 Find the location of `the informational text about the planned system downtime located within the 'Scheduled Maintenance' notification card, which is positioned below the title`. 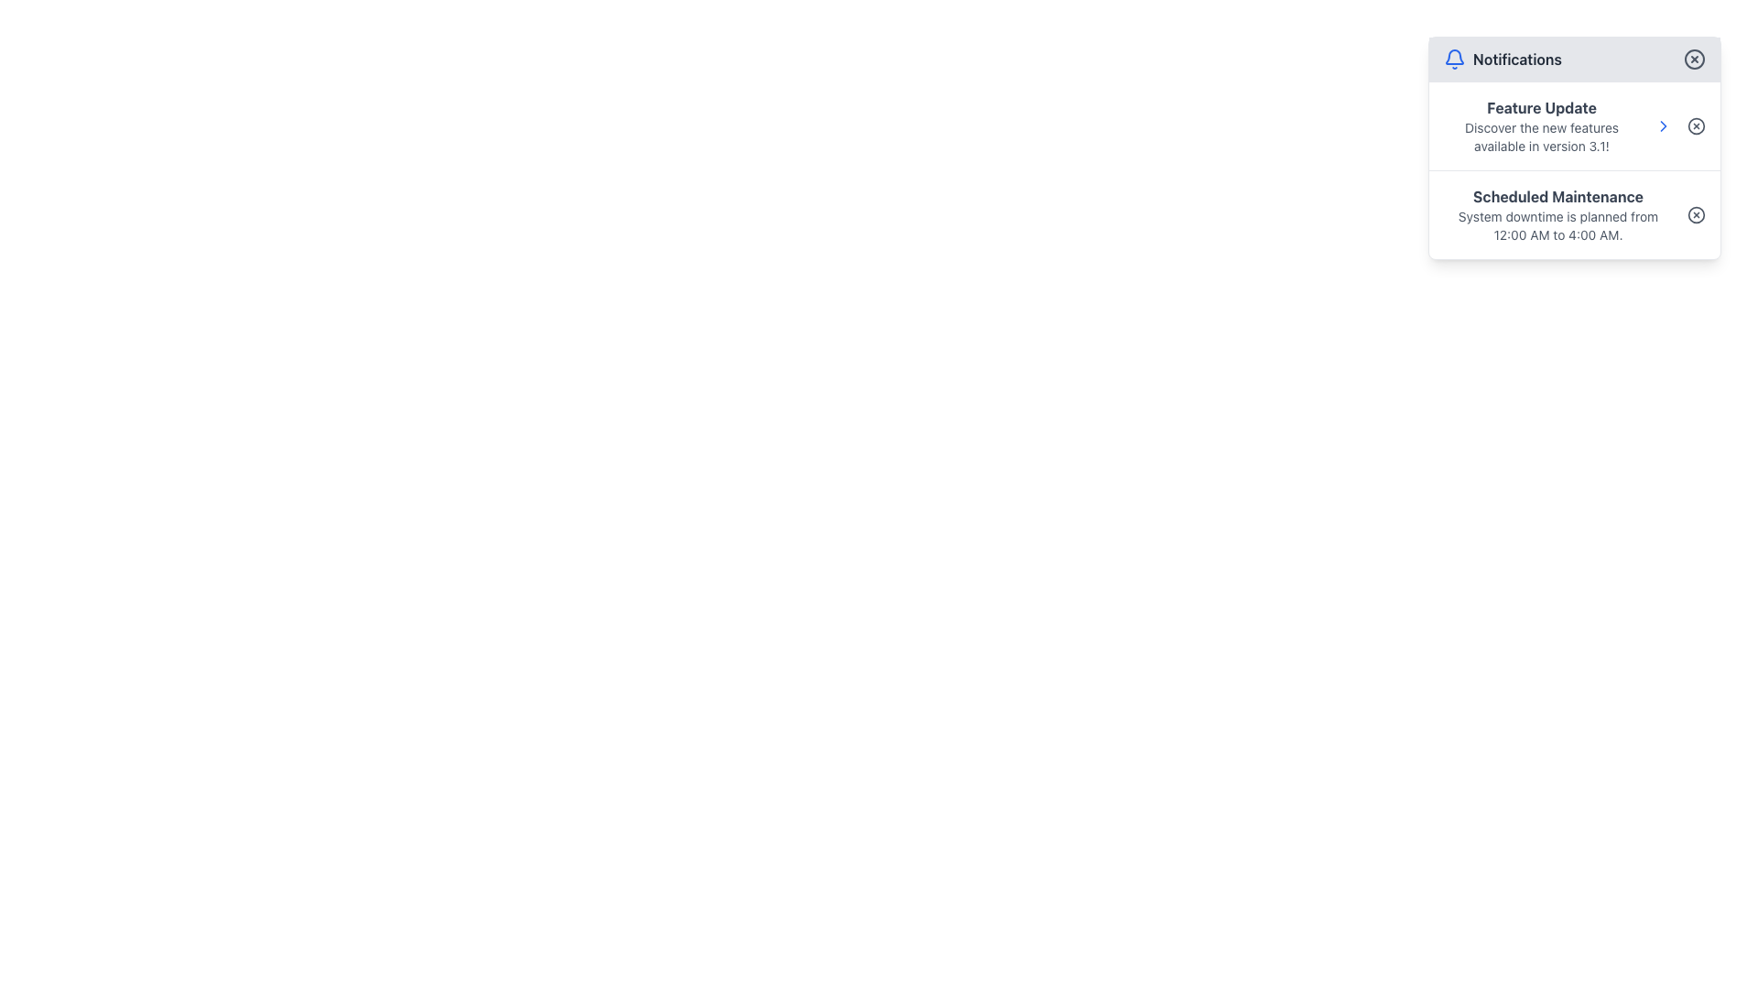

the informational text about the planned system downtime located within the 'Scheduled Maintenance' notification card, which is positioned below the title is located at coordinates (1557, 224).